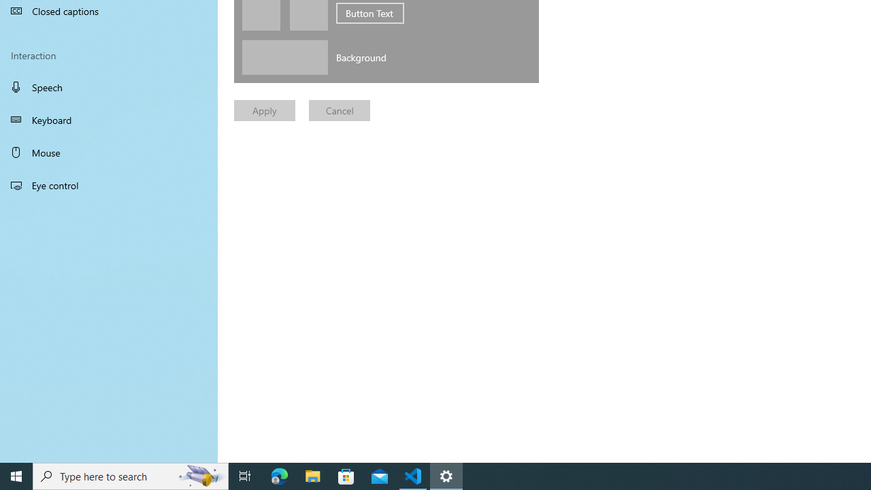  What do you see at coordinates (131, 475) in the screenshot?
I see `'Type here to search'` at bounding box center [131, 475].